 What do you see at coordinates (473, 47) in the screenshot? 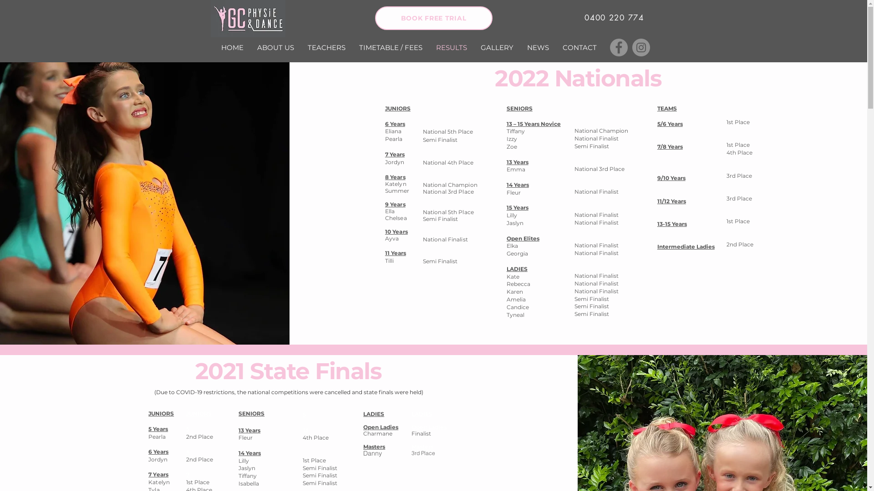
I see `'GALLERY'` at bounding box center [473, 47].